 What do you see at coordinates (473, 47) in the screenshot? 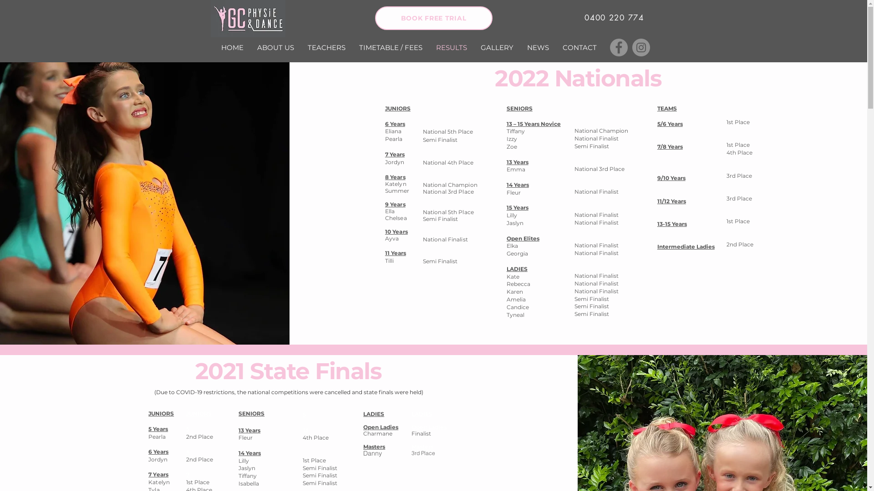
I see `'GALLERY'` at bounding box center [473, 47].